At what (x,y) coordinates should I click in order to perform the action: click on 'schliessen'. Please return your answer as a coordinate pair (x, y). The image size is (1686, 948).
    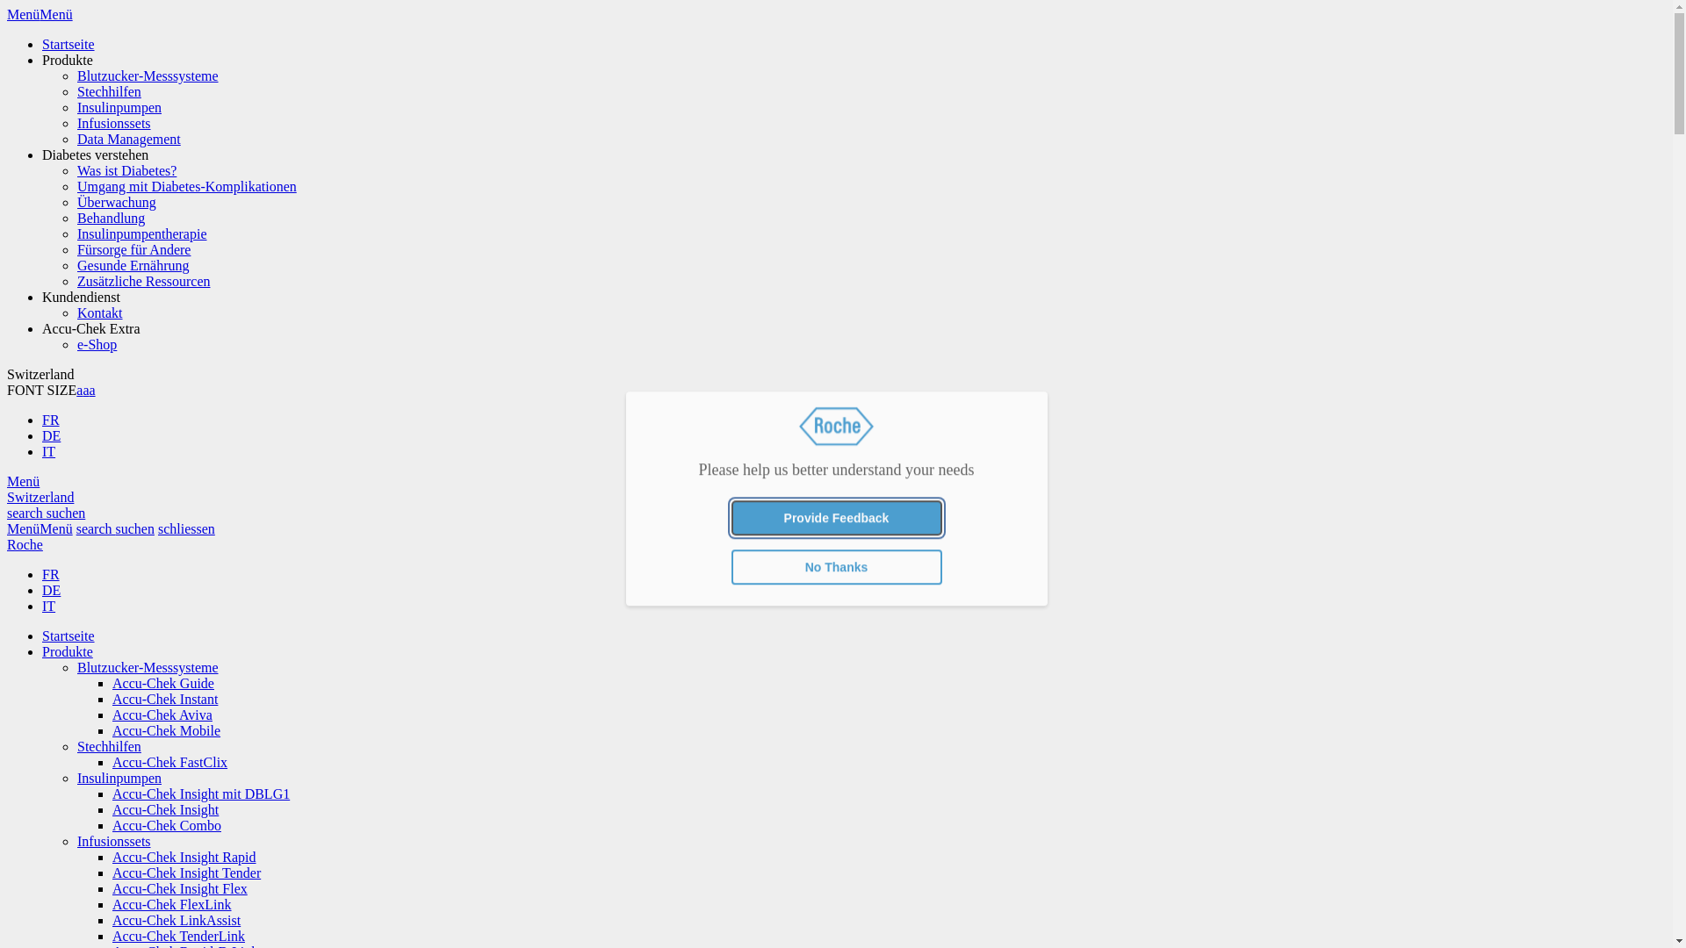
    Looking at the image, I should click on (186, 528).